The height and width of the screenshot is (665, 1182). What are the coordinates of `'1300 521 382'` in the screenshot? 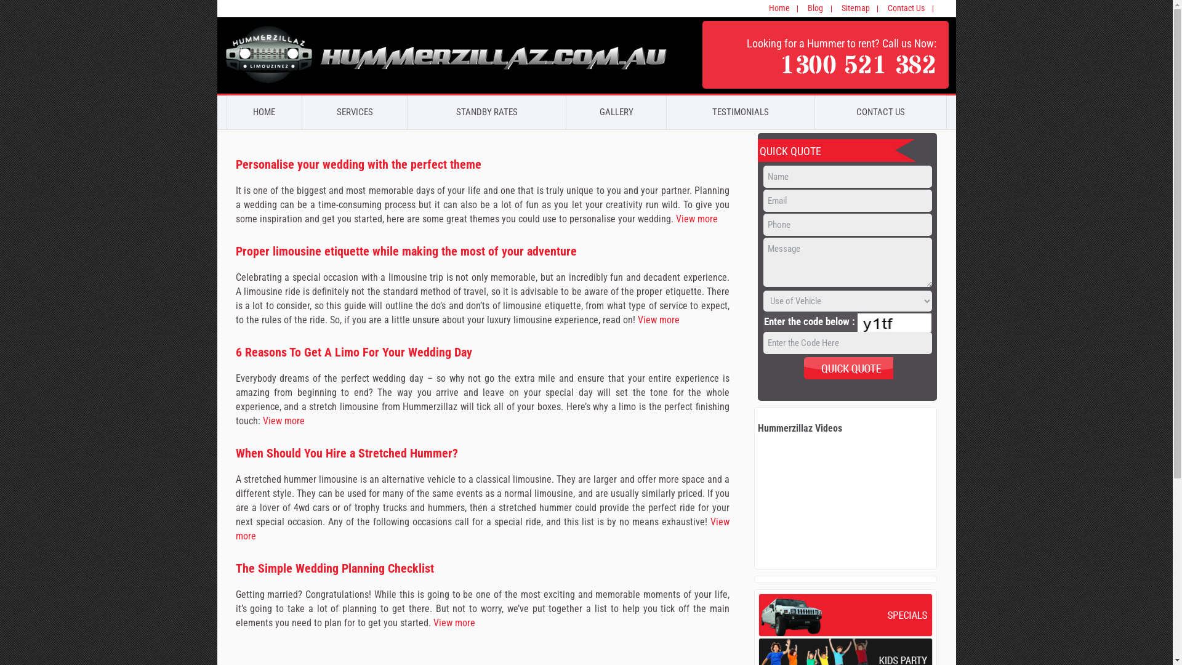 It's located at (856, 68).